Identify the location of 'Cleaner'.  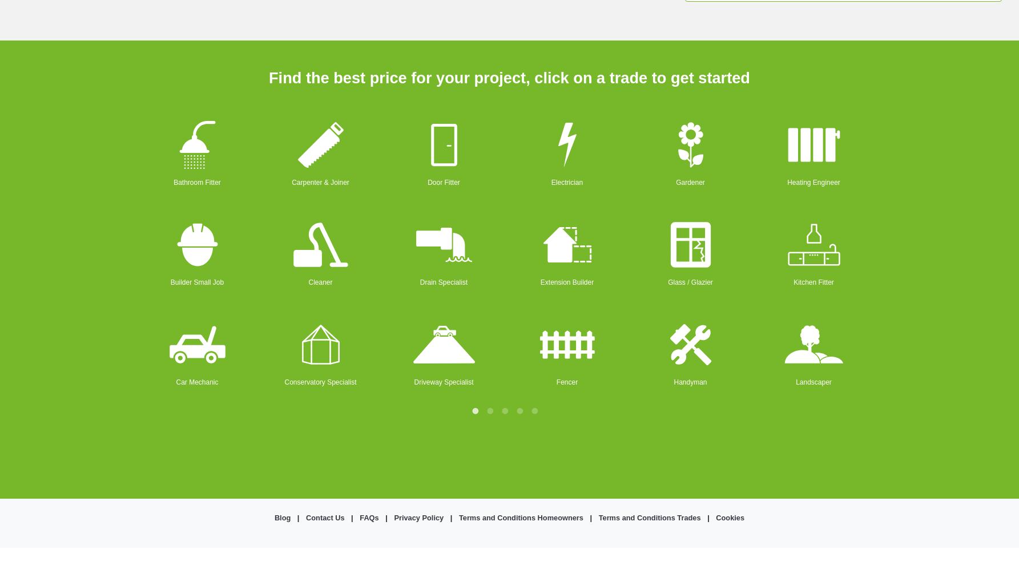
(320, 281).